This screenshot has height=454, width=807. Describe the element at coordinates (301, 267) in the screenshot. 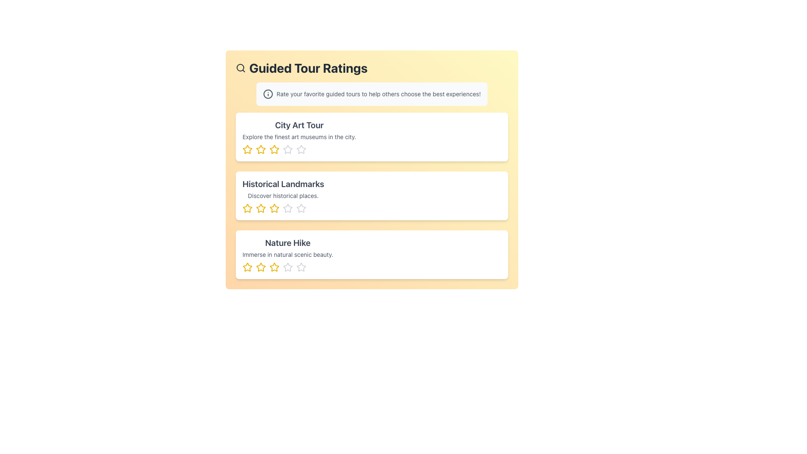

I see `the fifth hollow star-shaped rating icon in the 'Nature Hike' section` at that location.